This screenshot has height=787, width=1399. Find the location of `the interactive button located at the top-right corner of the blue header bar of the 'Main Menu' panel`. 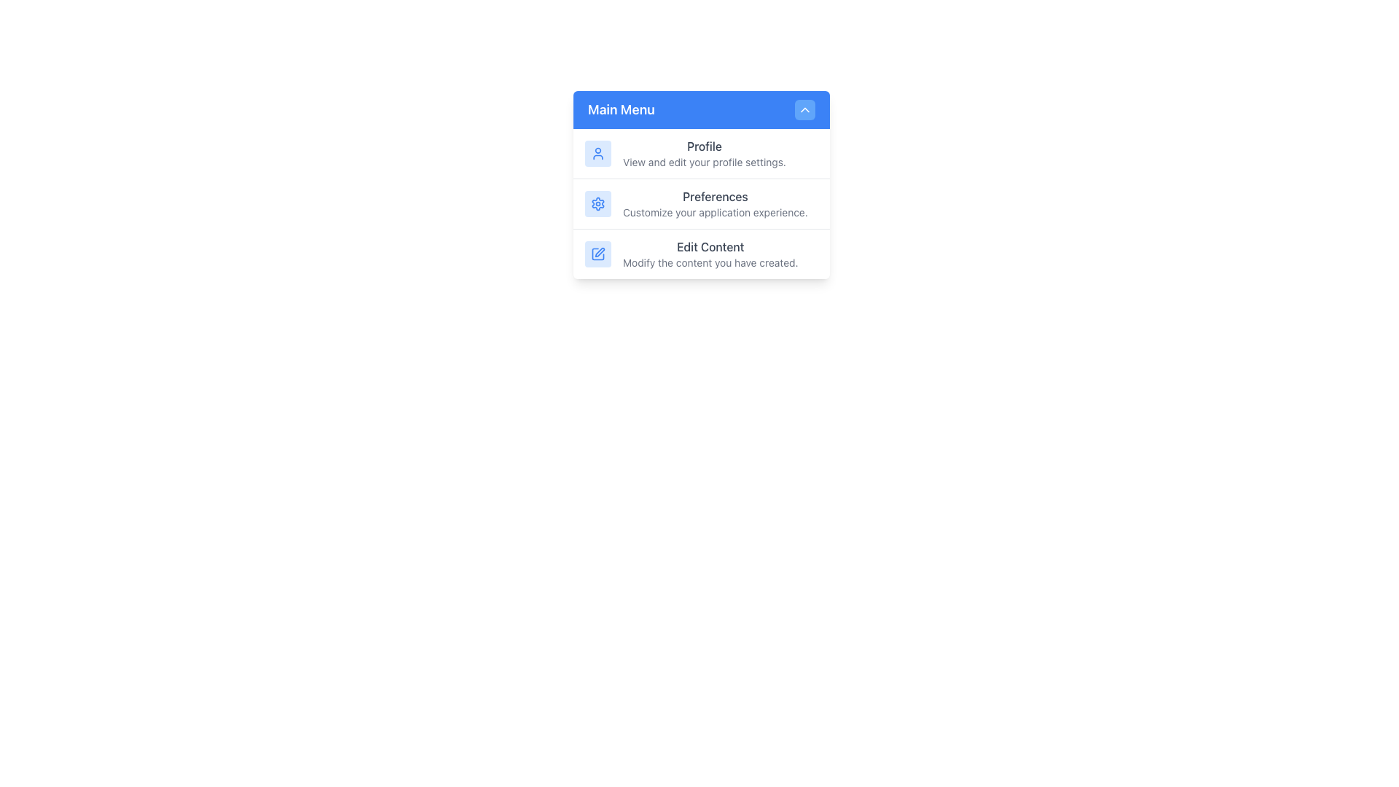

the interactive button located at the top-right corner of the blue header bar of the 'Main Menu' panel is located at coordinates (804, 109).